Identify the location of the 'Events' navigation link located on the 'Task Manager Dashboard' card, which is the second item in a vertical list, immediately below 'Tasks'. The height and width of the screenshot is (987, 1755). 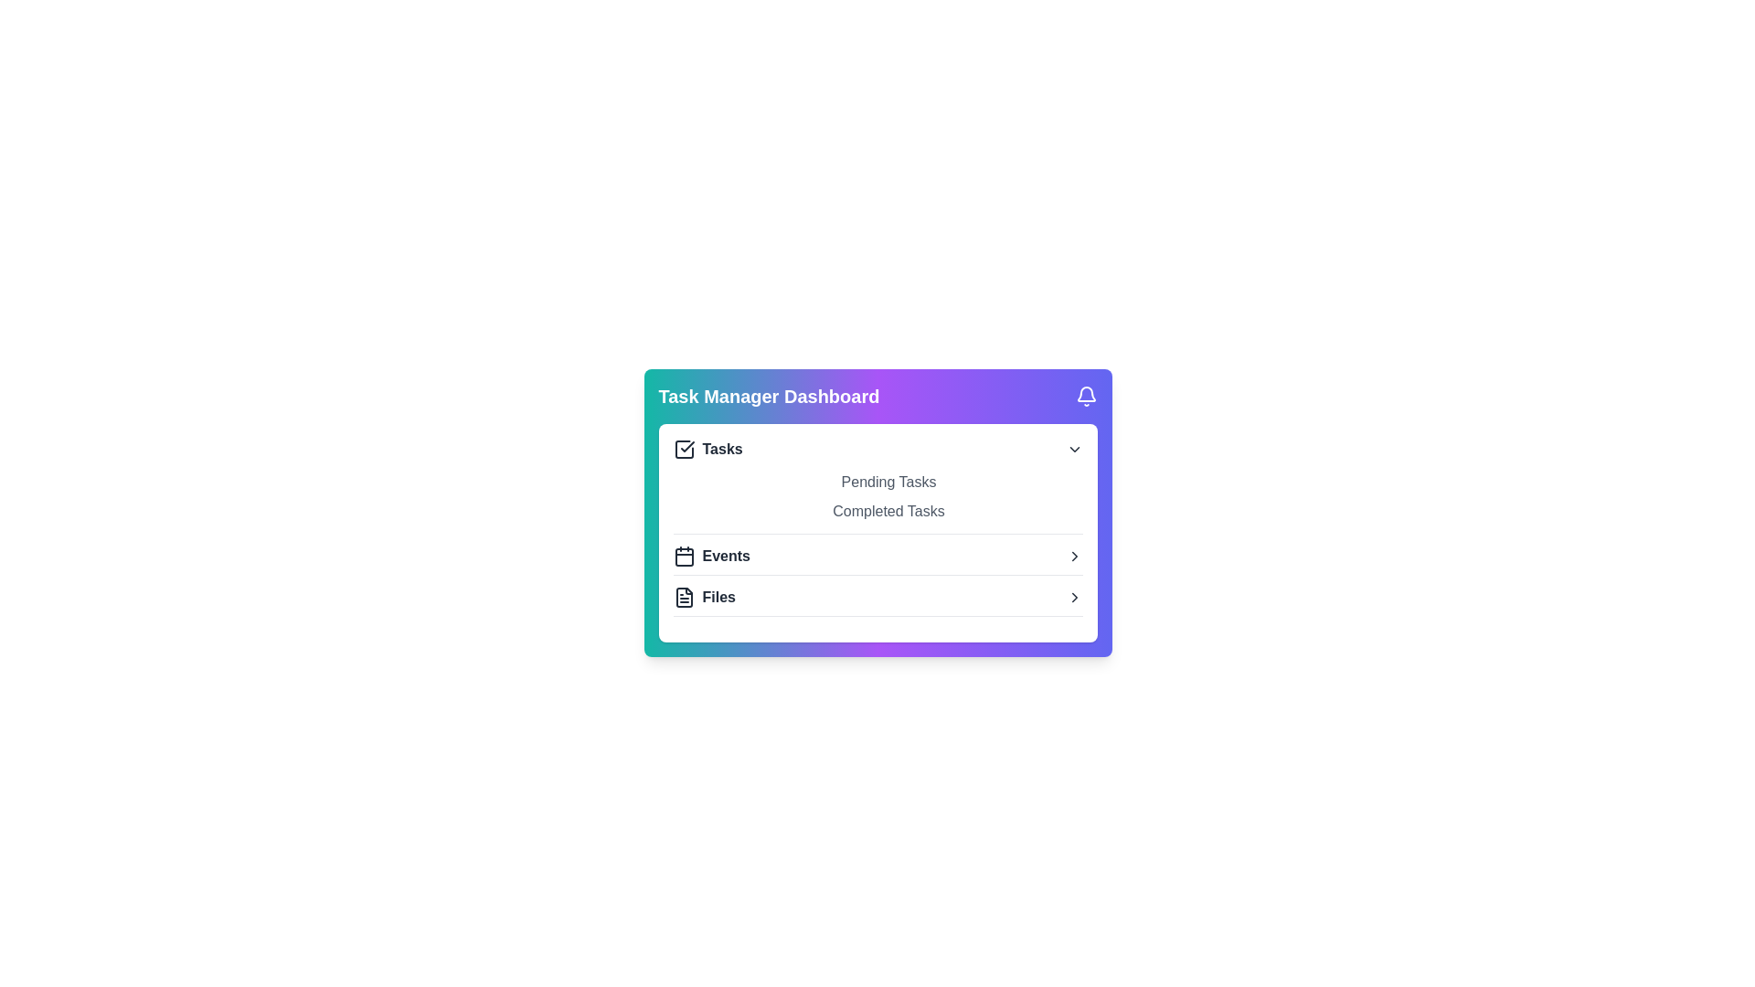
(877, 556).